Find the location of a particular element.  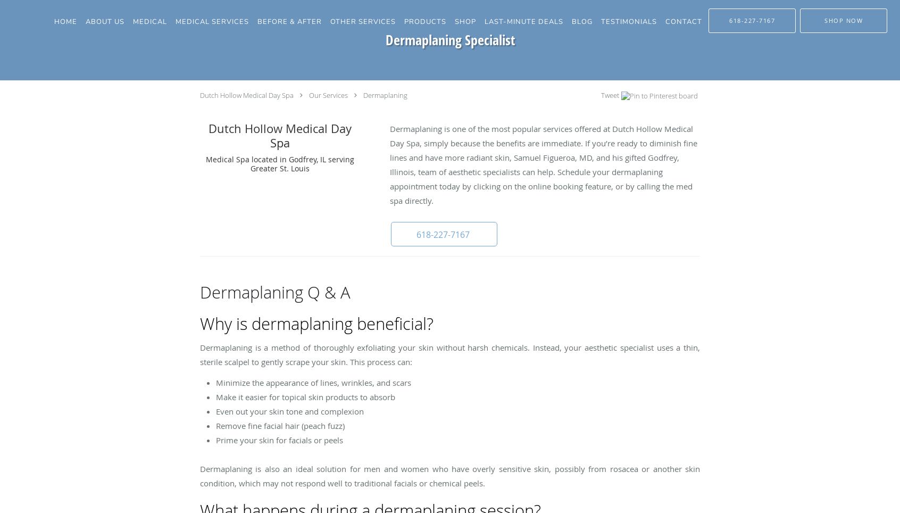

'618-227-7167' is located at coordinates (443, 234).